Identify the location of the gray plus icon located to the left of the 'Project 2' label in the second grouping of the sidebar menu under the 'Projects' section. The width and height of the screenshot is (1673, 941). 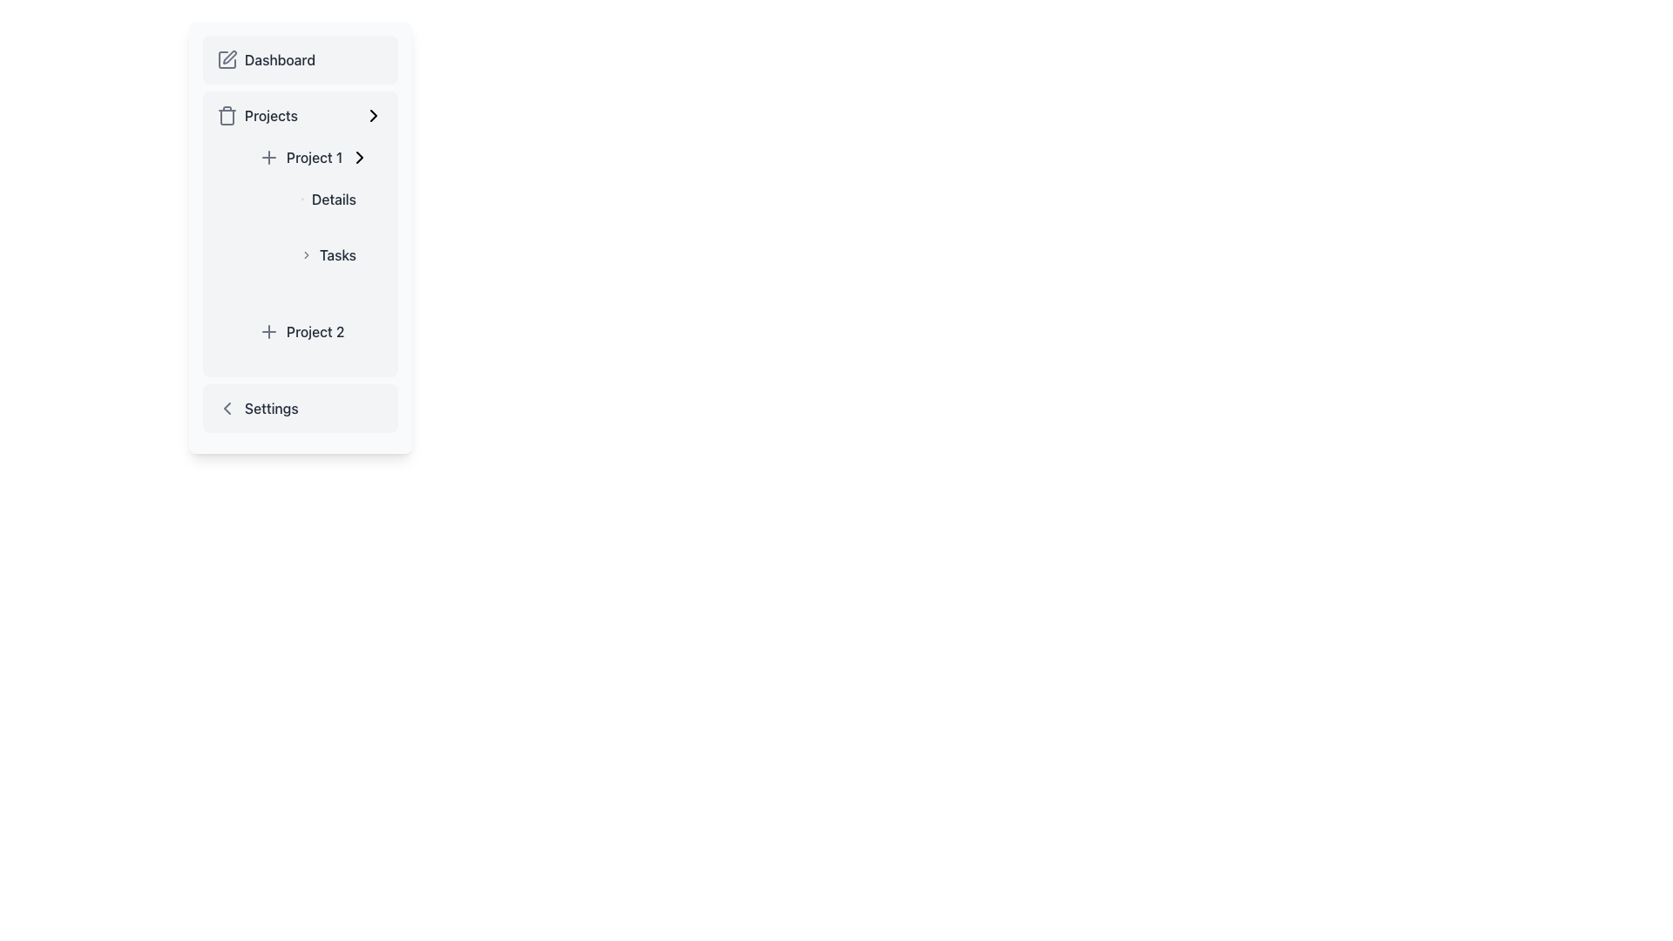
(268, 332).